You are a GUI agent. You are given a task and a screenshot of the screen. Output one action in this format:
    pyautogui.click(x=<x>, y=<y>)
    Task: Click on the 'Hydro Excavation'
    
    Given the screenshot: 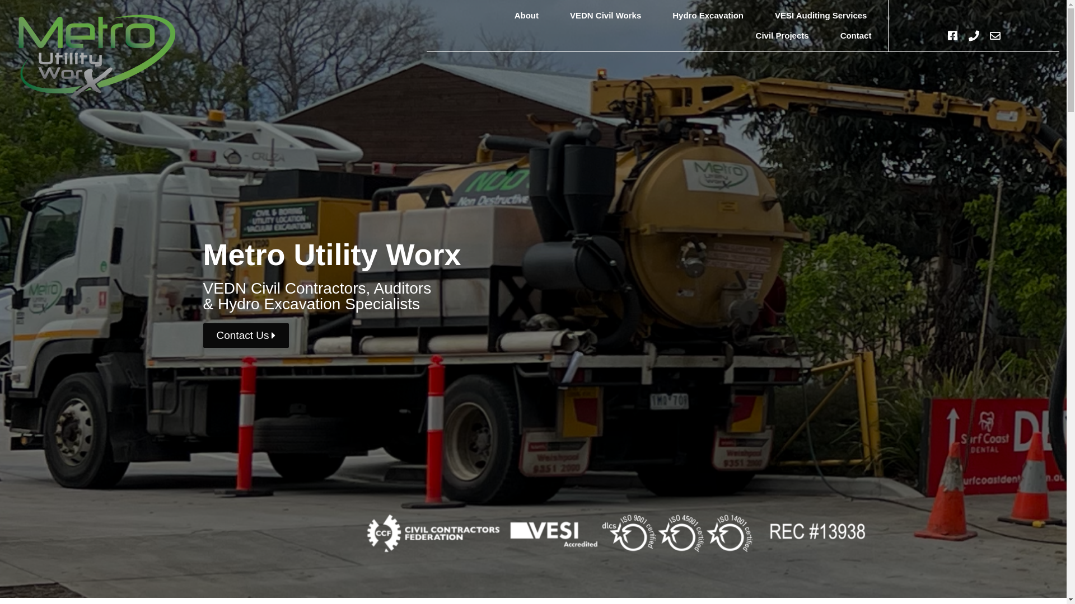 What is the action you would take?
    pyautogui.click(x=707, y=15)
    